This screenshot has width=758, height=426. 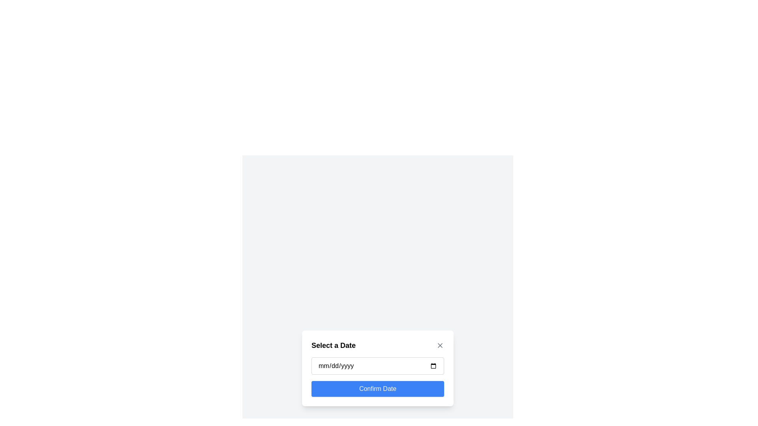 I want to click on the text label reading 'Select a Date' which is prominently displayed at the top of a modal window, so click(x=333, y=345).